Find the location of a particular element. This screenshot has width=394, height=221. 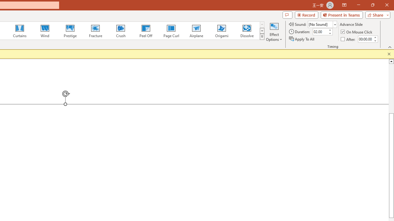

'On Mouse Click' is located at coordinates (357, 32).